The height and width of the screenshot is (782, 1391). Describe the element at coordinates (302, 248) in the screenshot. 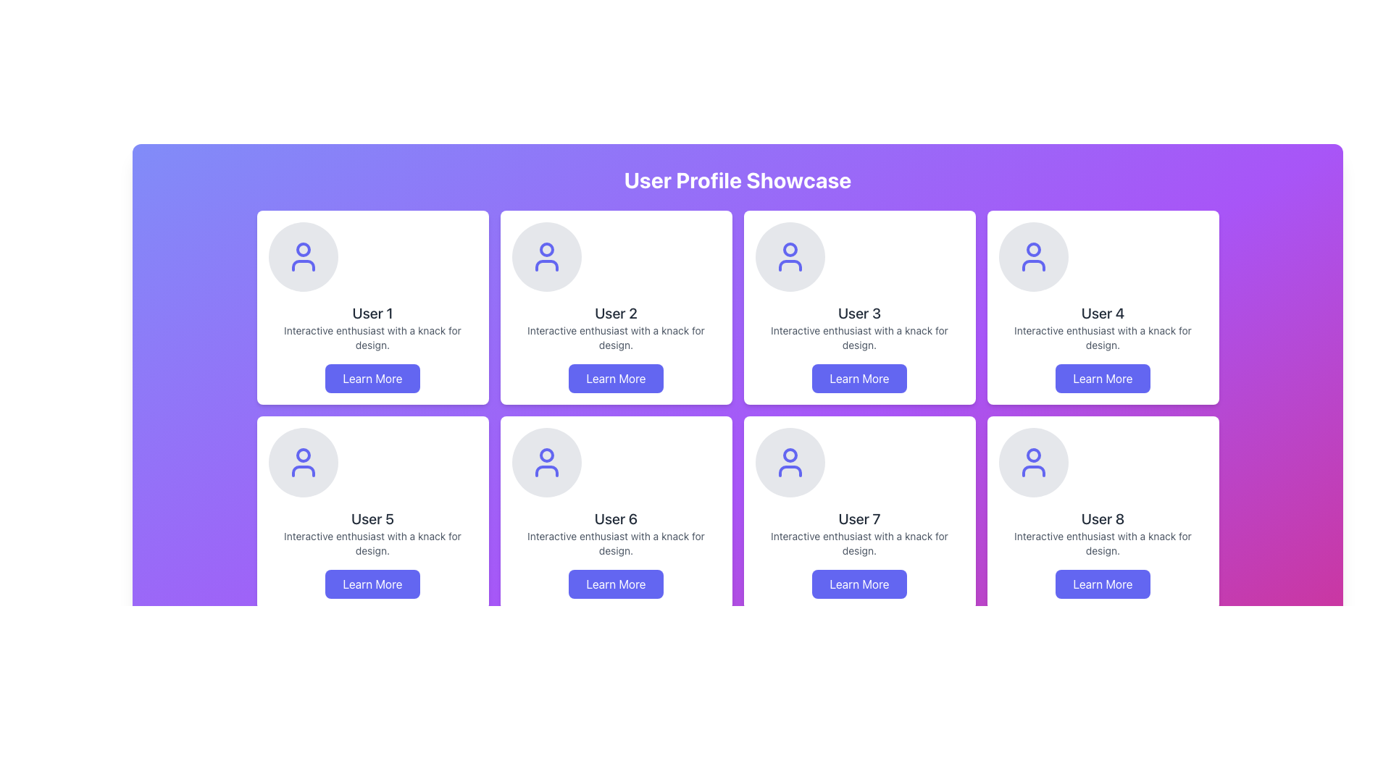

I see `the circular graphic representation within the user icon of the first profile card labeled 'User 1' in the user showcase interface` at that location.